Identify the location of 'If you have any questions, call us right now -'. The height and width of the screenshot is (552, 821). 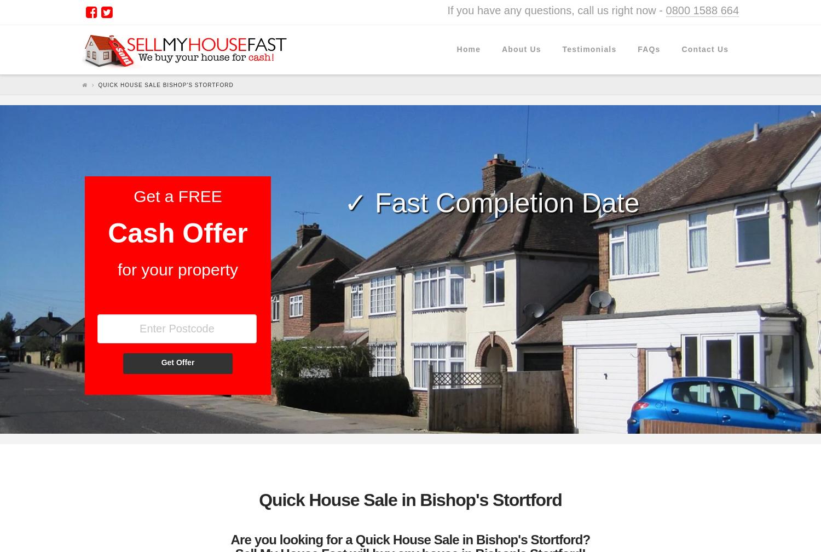
(556, 10).